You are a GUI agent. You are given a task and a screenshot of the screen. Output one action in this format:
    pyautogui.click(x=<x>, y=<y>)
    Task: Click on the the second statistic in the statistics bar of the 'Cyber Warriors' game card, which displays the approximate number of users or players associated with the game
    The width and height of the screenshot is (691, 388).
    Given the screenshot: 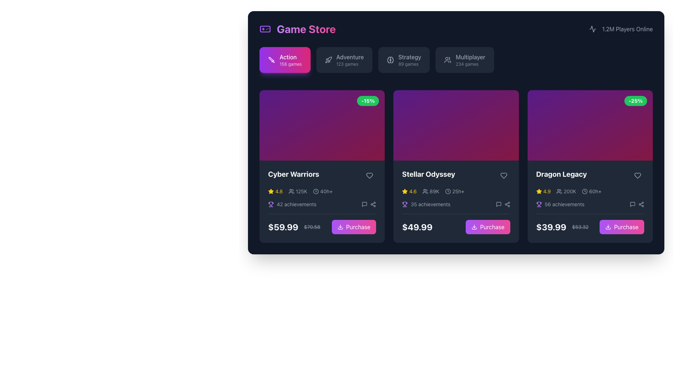 What is the action you would take?
    pyautogui.click(x=298, y=191)
    